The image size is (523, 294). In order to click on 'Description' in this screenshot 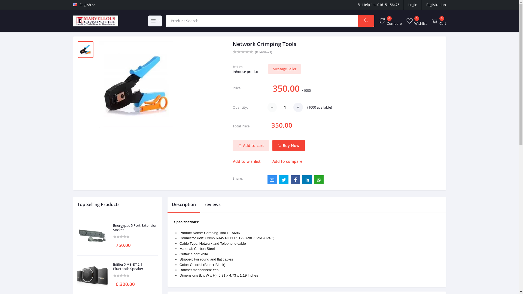, I will do `click(184, 205)`.